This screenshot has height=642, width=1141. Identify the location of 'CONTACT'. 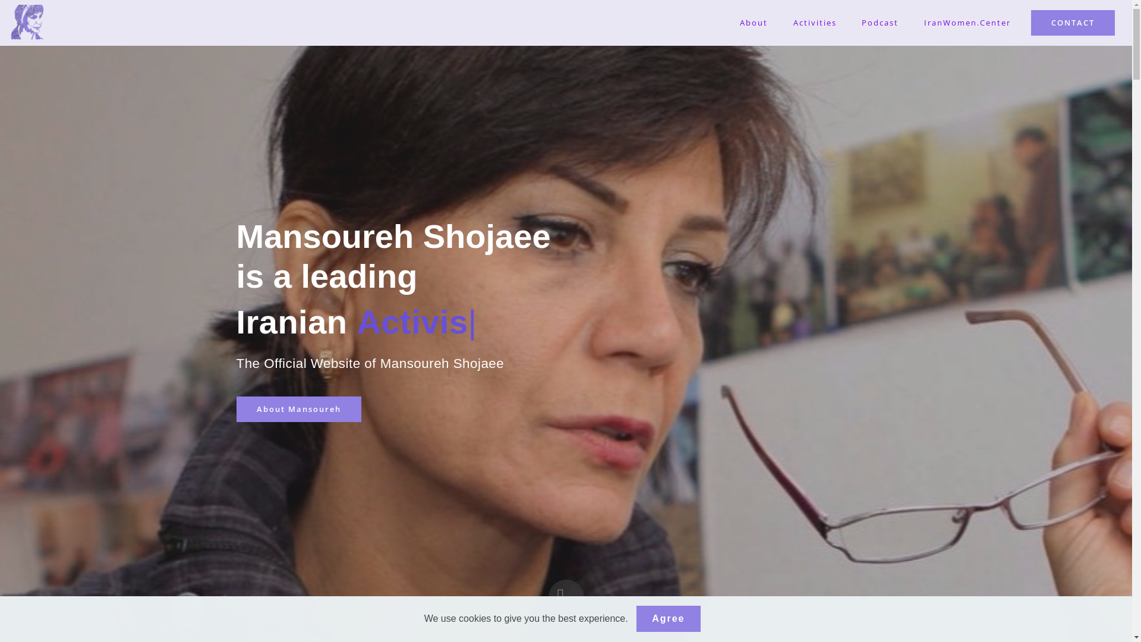
(1073, 23).